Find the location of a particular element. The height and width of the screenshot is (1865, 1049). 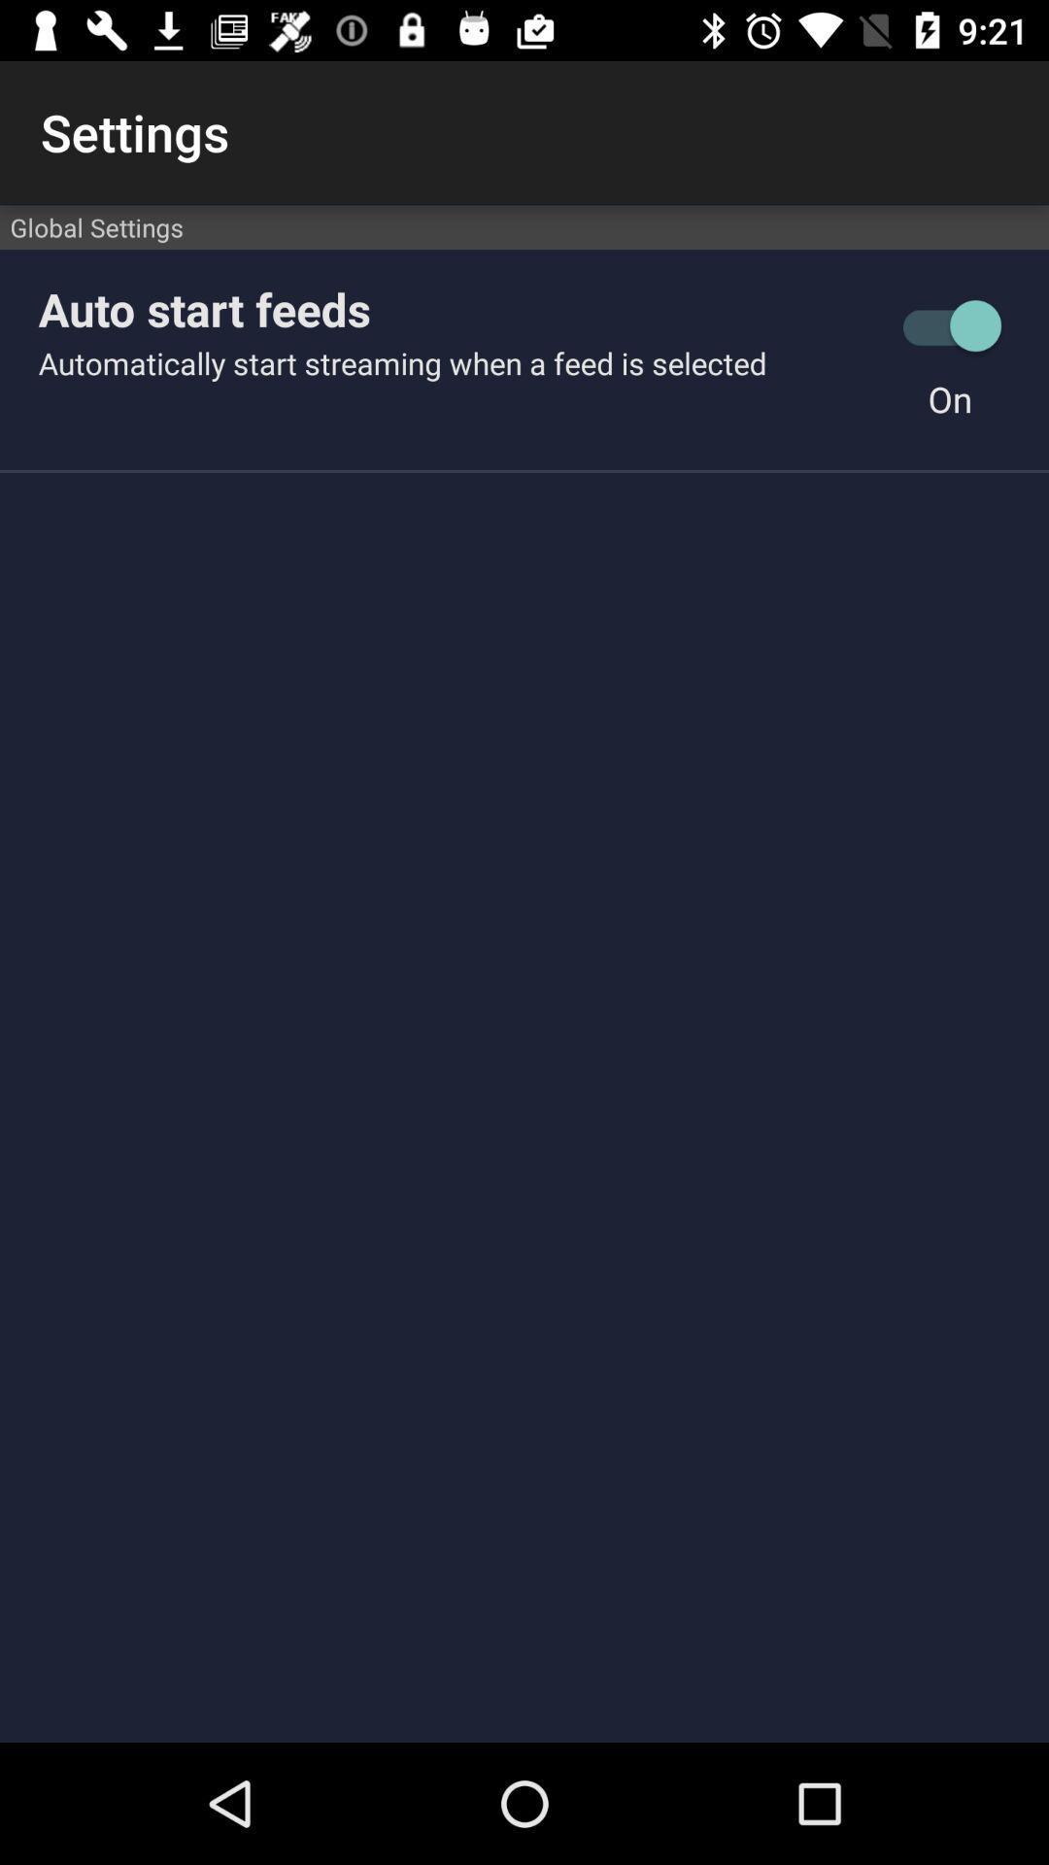

the item next to the auto start feeds item is located at coordinates (949, 325).